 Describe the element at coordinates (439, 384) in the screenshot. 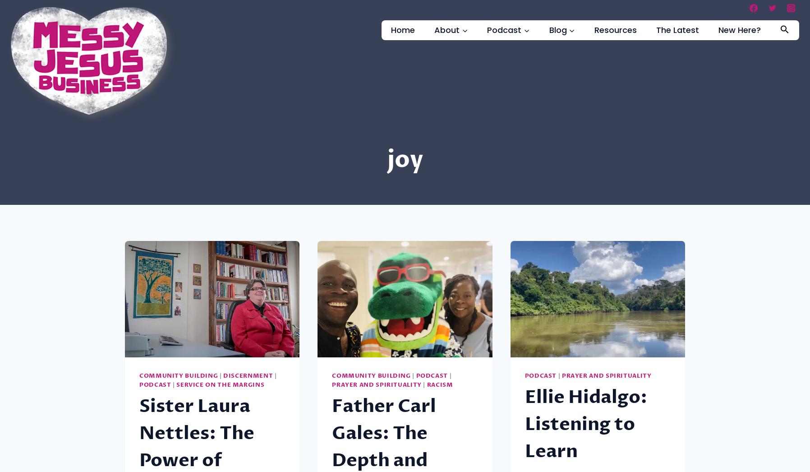

I see `'Racism'` at that location.